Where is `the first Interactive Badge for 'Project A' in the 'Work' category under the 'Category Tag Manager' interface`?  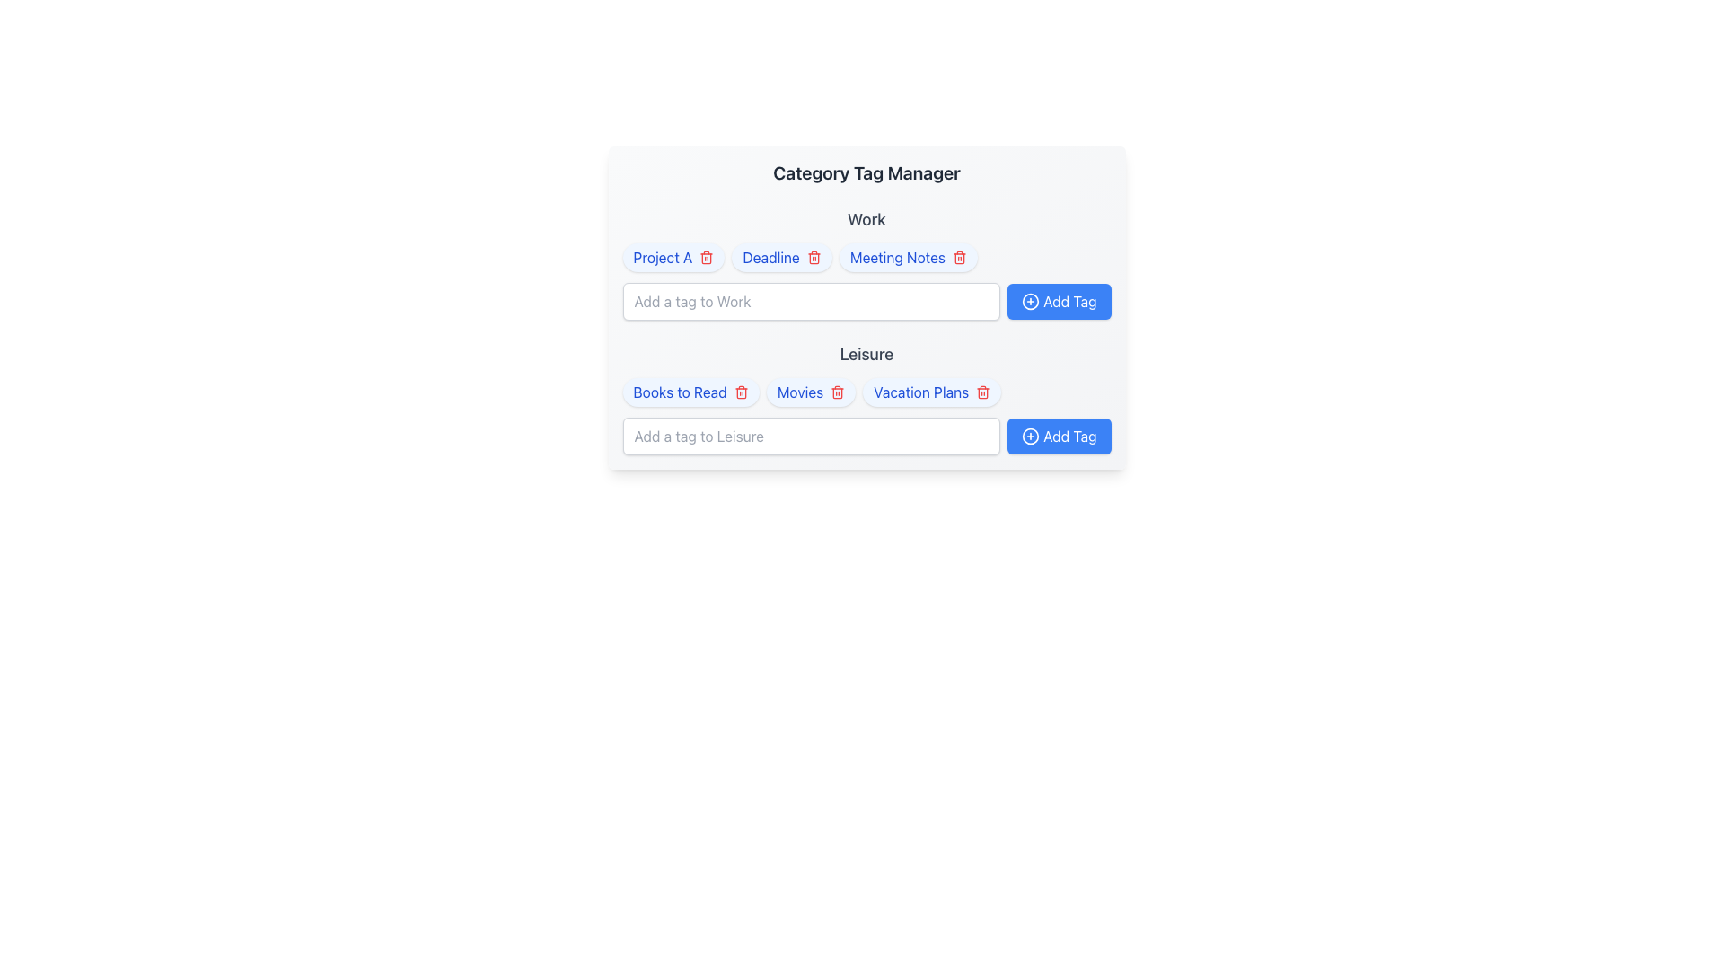 the first Interactive Badge for 'Project A' in the 'Work' category under the 'Category Tag Manager' interface is located at coordinates (673, 257).